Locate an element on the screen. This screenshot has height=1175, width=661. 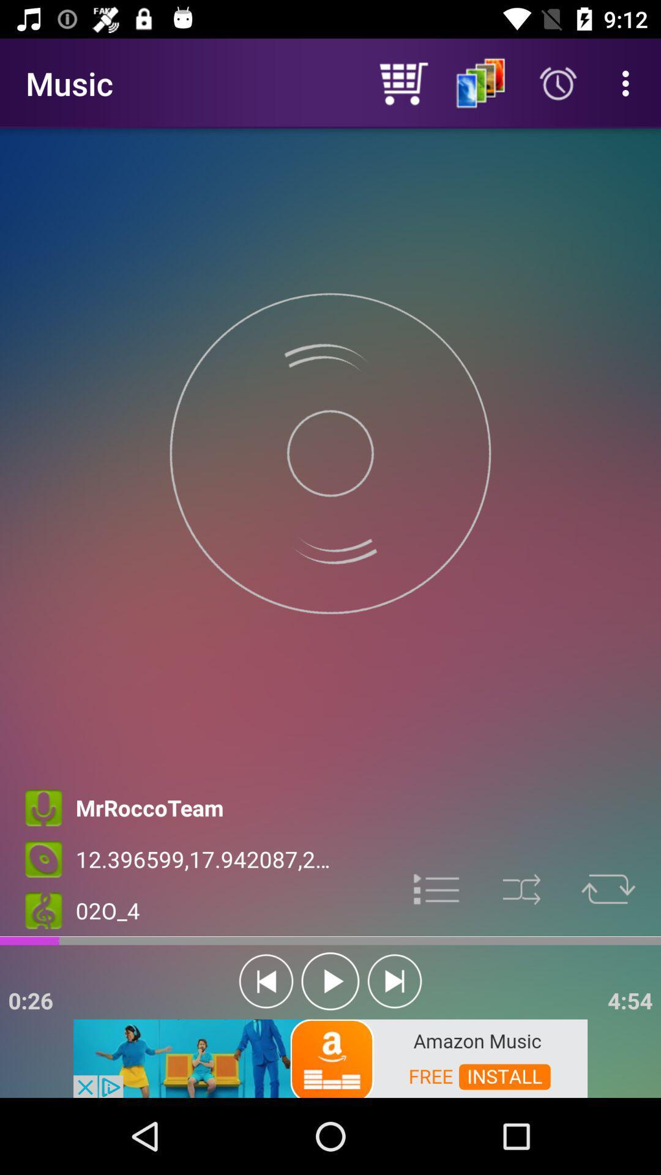
download different app is located at coordinates (330, 1057).